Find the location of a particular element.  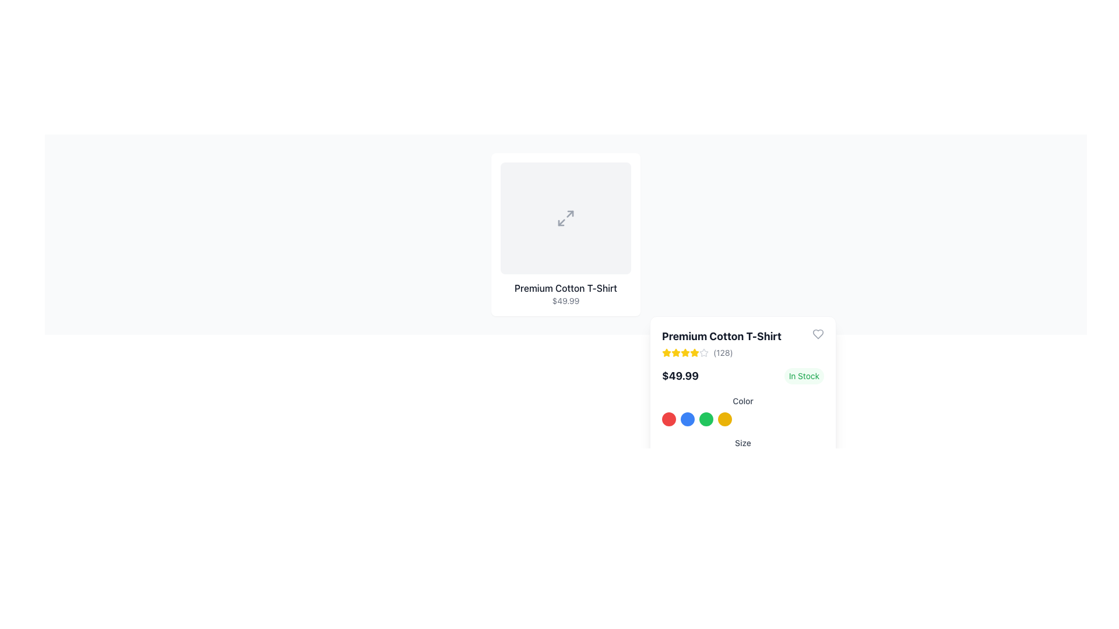

the leftmost bright yellow five-pointed star rating icon is located at coordinates (676, 352).